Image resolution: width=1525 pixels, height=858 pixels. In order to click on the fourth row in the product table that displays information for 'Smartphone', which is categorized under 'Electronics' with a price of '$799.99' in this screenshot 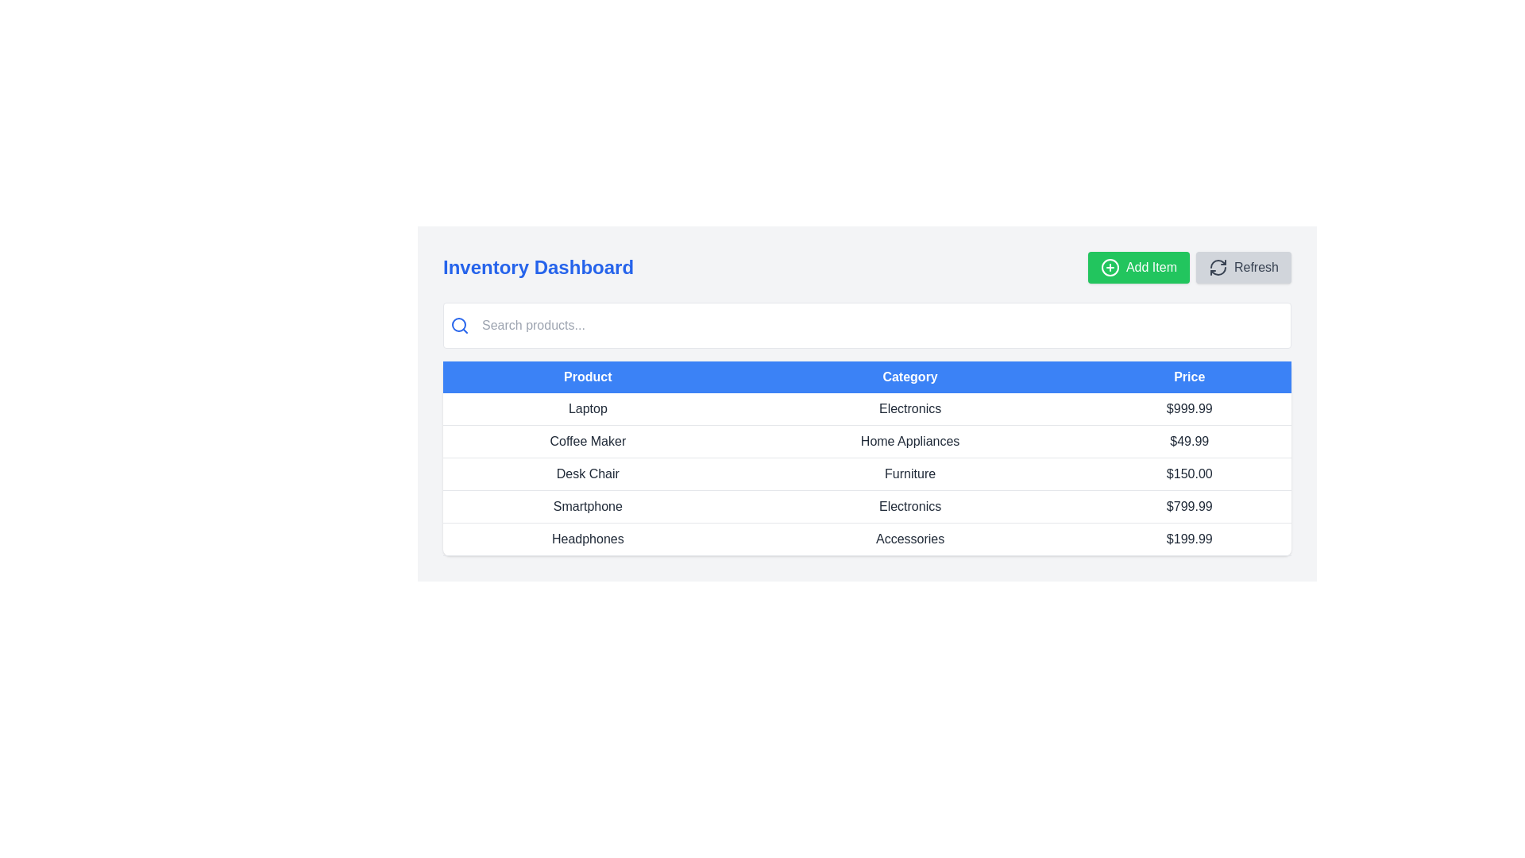, I will do `click(866, 506)`.